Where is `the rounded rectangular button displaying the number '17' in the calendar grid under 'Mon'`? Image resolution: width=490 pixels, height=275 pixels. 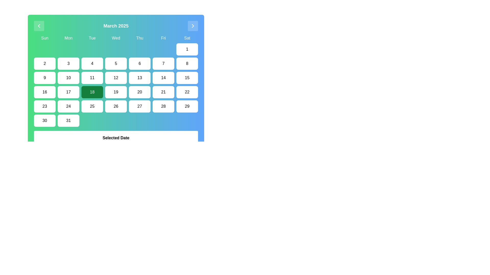 the rounded rectangular button displaying the number '17' in the calendar grid under 'Mon' is located at coordinates (68, 92).